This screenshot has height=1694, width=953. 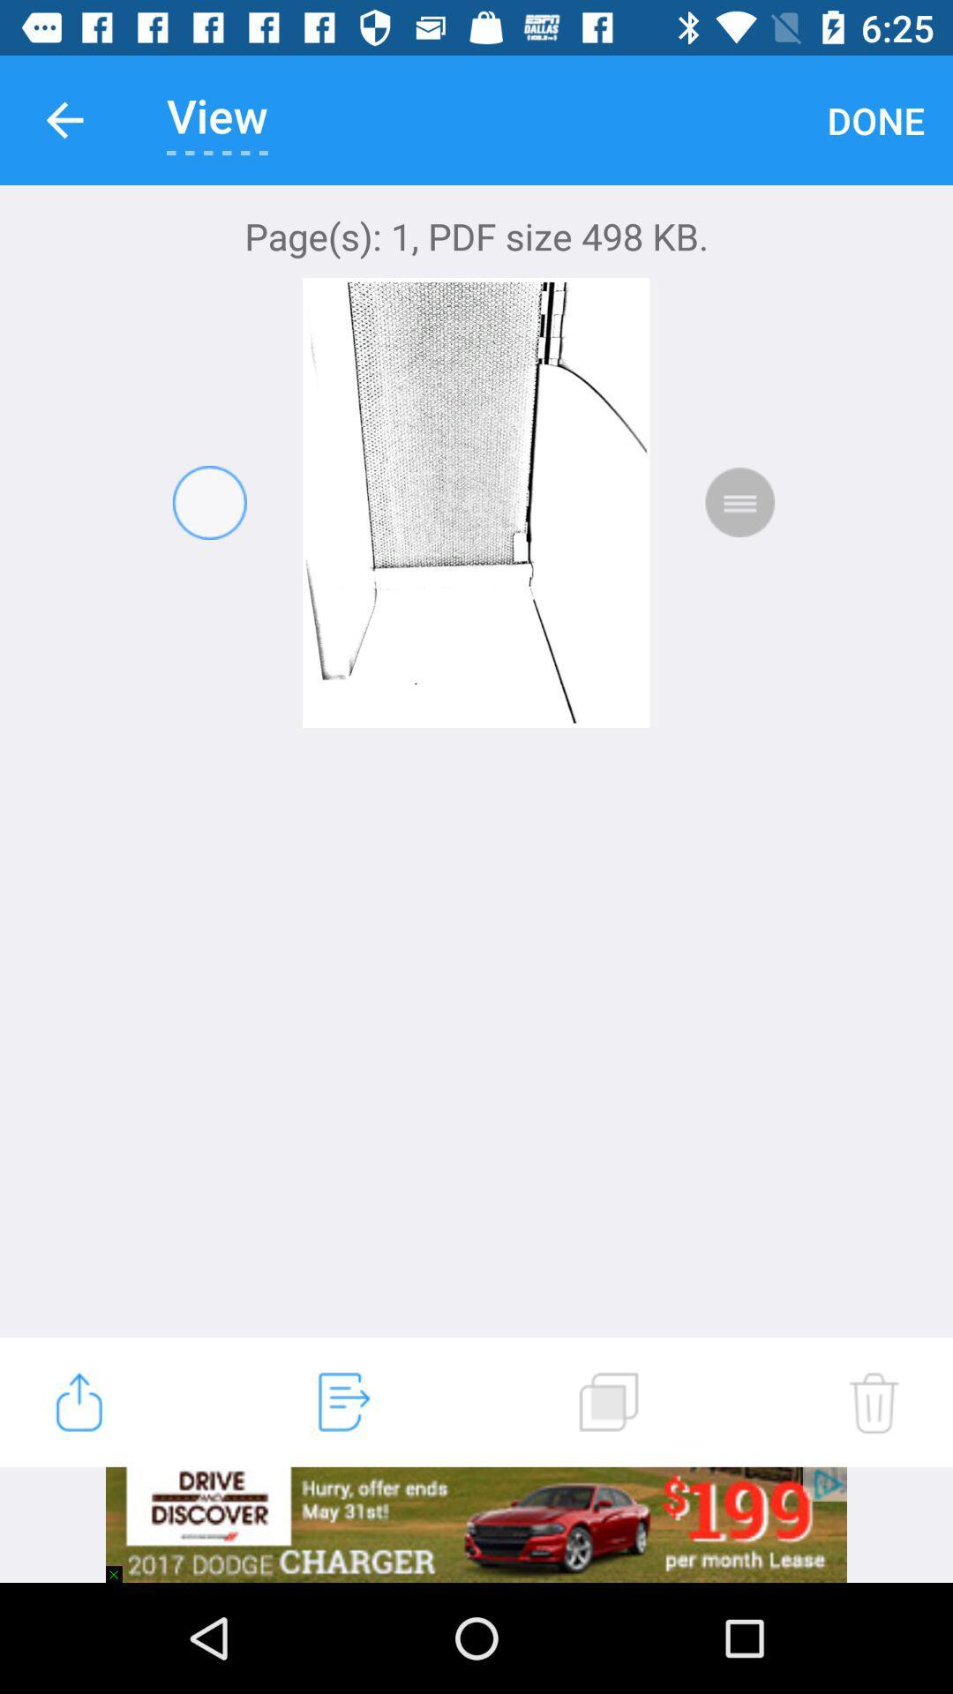 I want to click on the done item, so click(x=875, y=119).